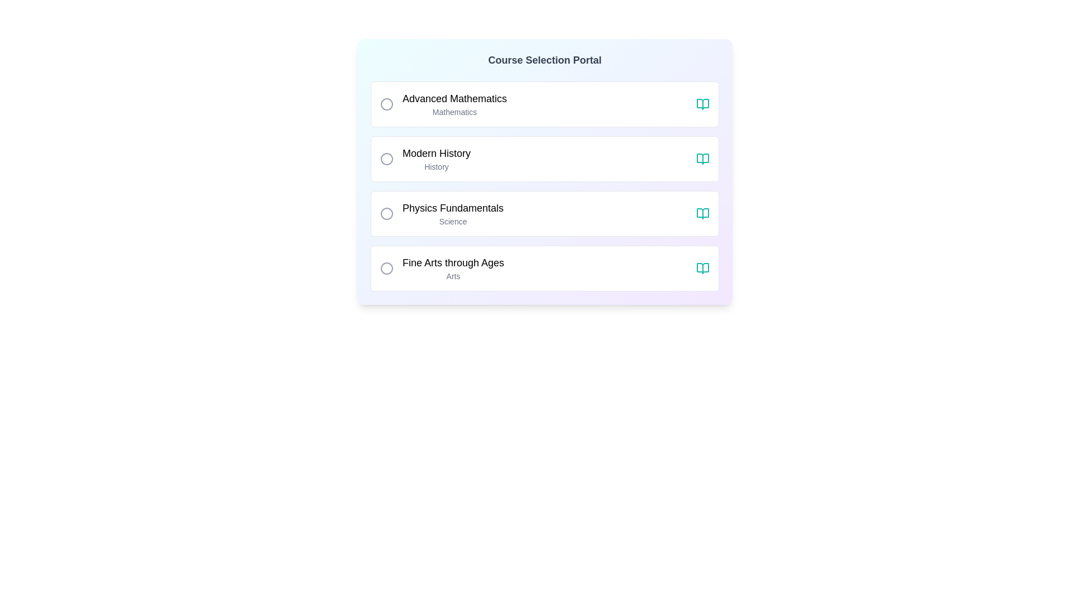 Image resolution: width=1072 pixels, height=603 pixels. What do you see at coordinates (544, 159) in the screenshot?
I see `the 'Modern History' choice card, which is the second item in the list of course options` at bounding box center [544, 159].